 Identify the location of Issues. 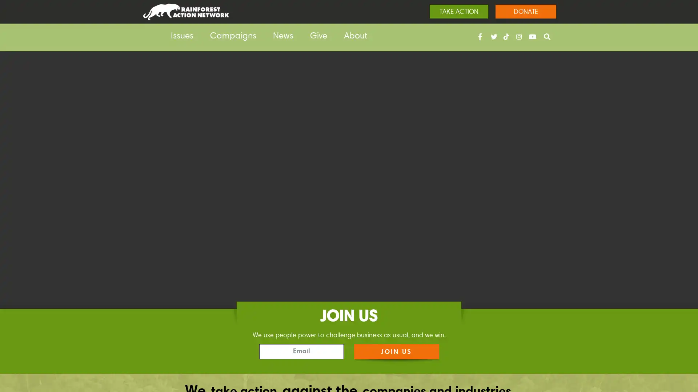
(182, 36).